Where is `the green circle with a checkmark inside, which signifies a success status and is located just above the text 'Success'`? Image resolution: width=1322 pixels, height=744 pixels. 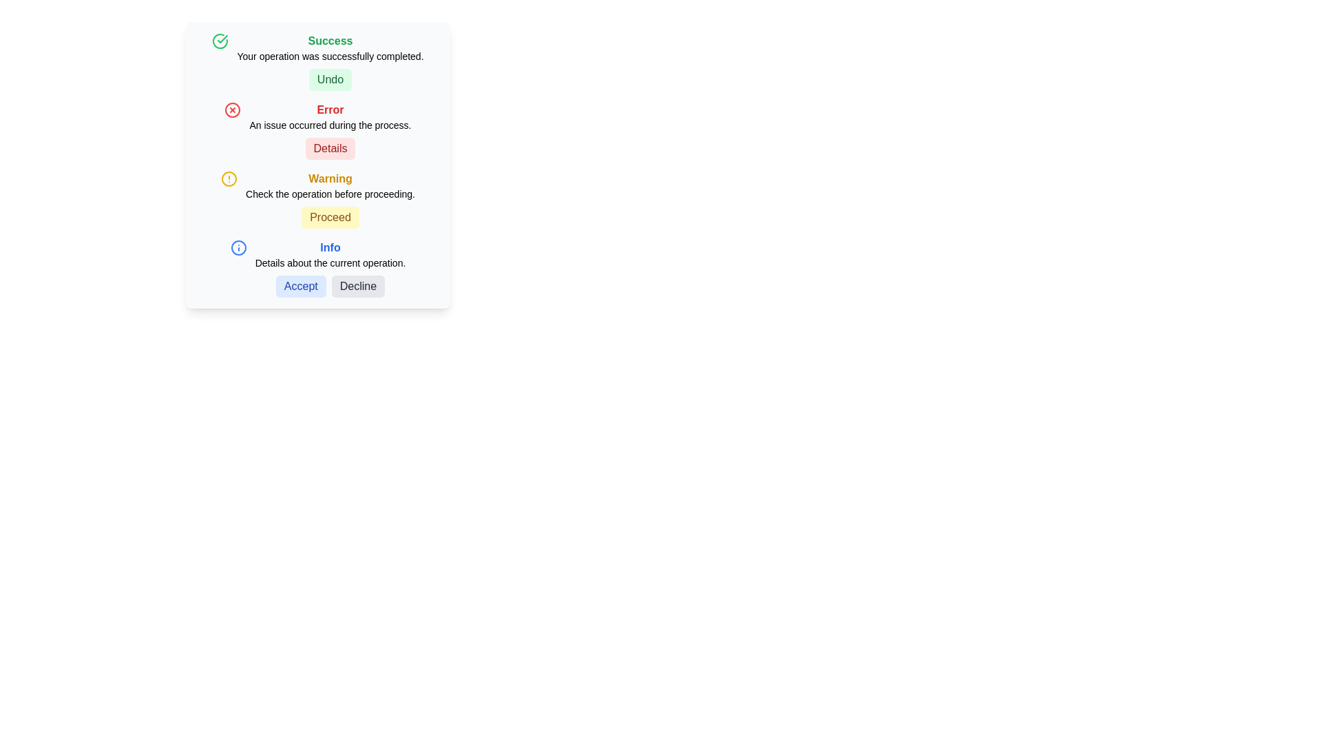
the green circle with a checkmark inside, which signifies a success status and is located just above the text 'Success' is located at coordinates (220, 41).